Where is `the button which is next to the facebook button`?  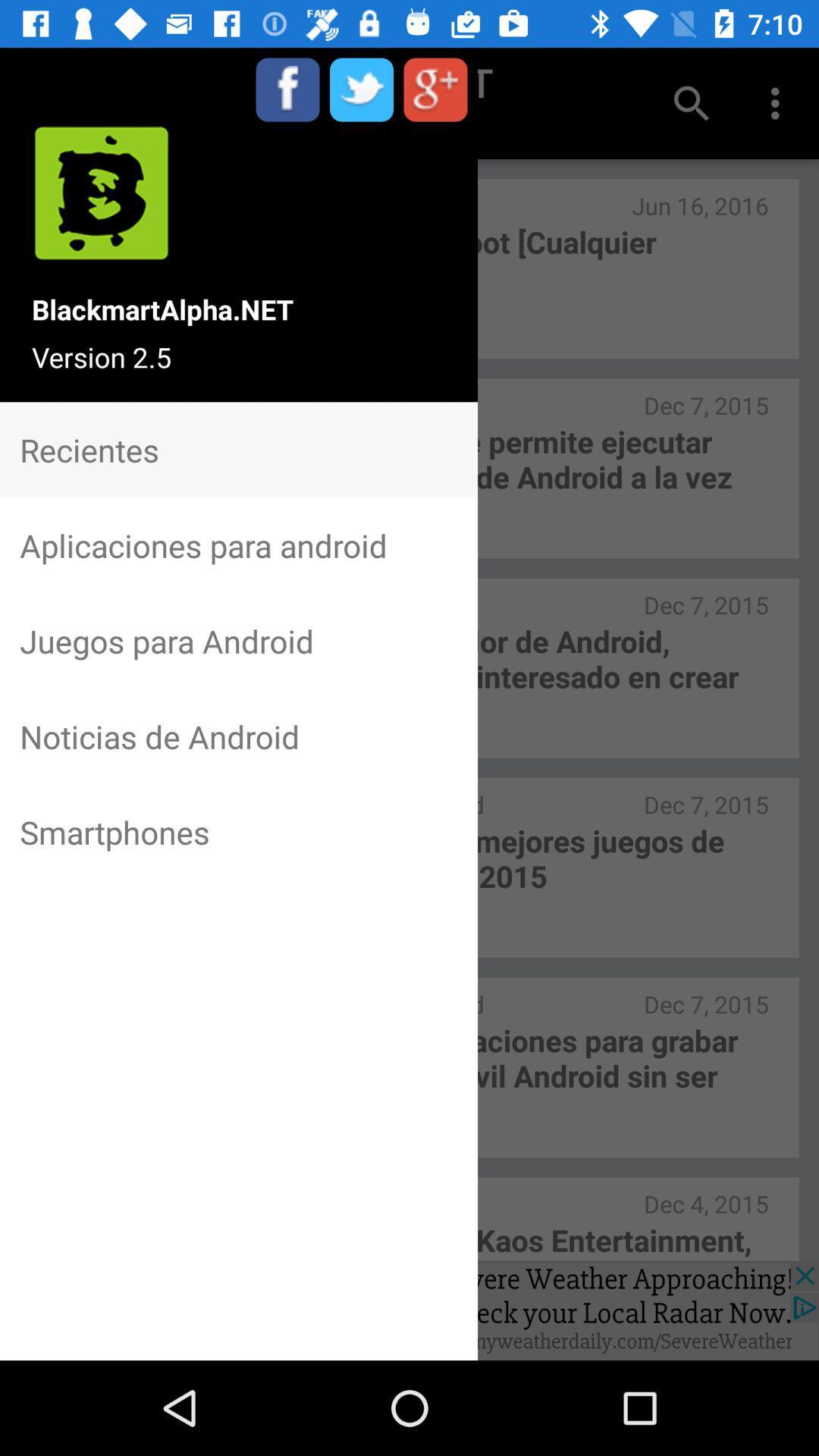
the button which is next to the facebook button is located at coordinates (362, 89).